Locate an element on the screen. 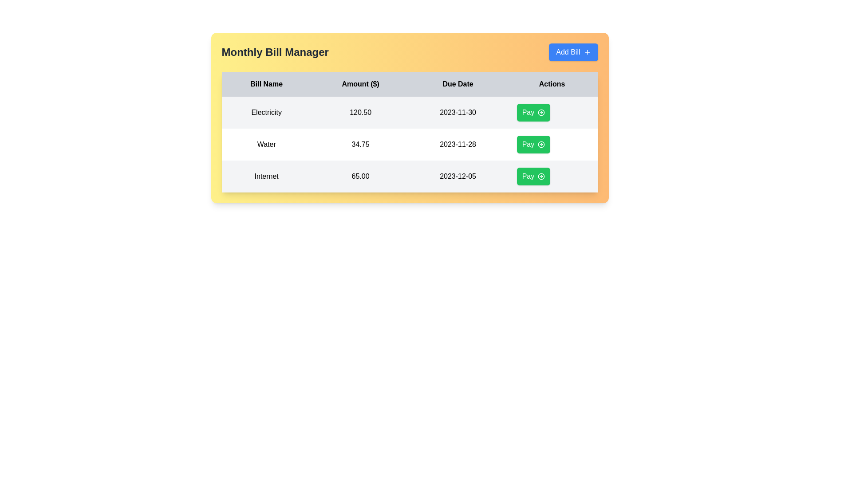 This screenshot has height=479, width=852. the green 'Pay' button with rounded corners in the 'Actions' column for the 'Electricity' bill entry is located at coordinates (552, 112).